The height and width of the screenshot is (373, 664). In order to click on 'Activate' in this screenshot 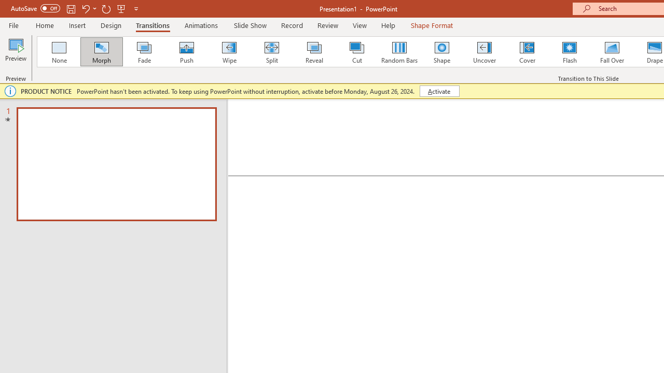, I will do `click(439, 91)`.